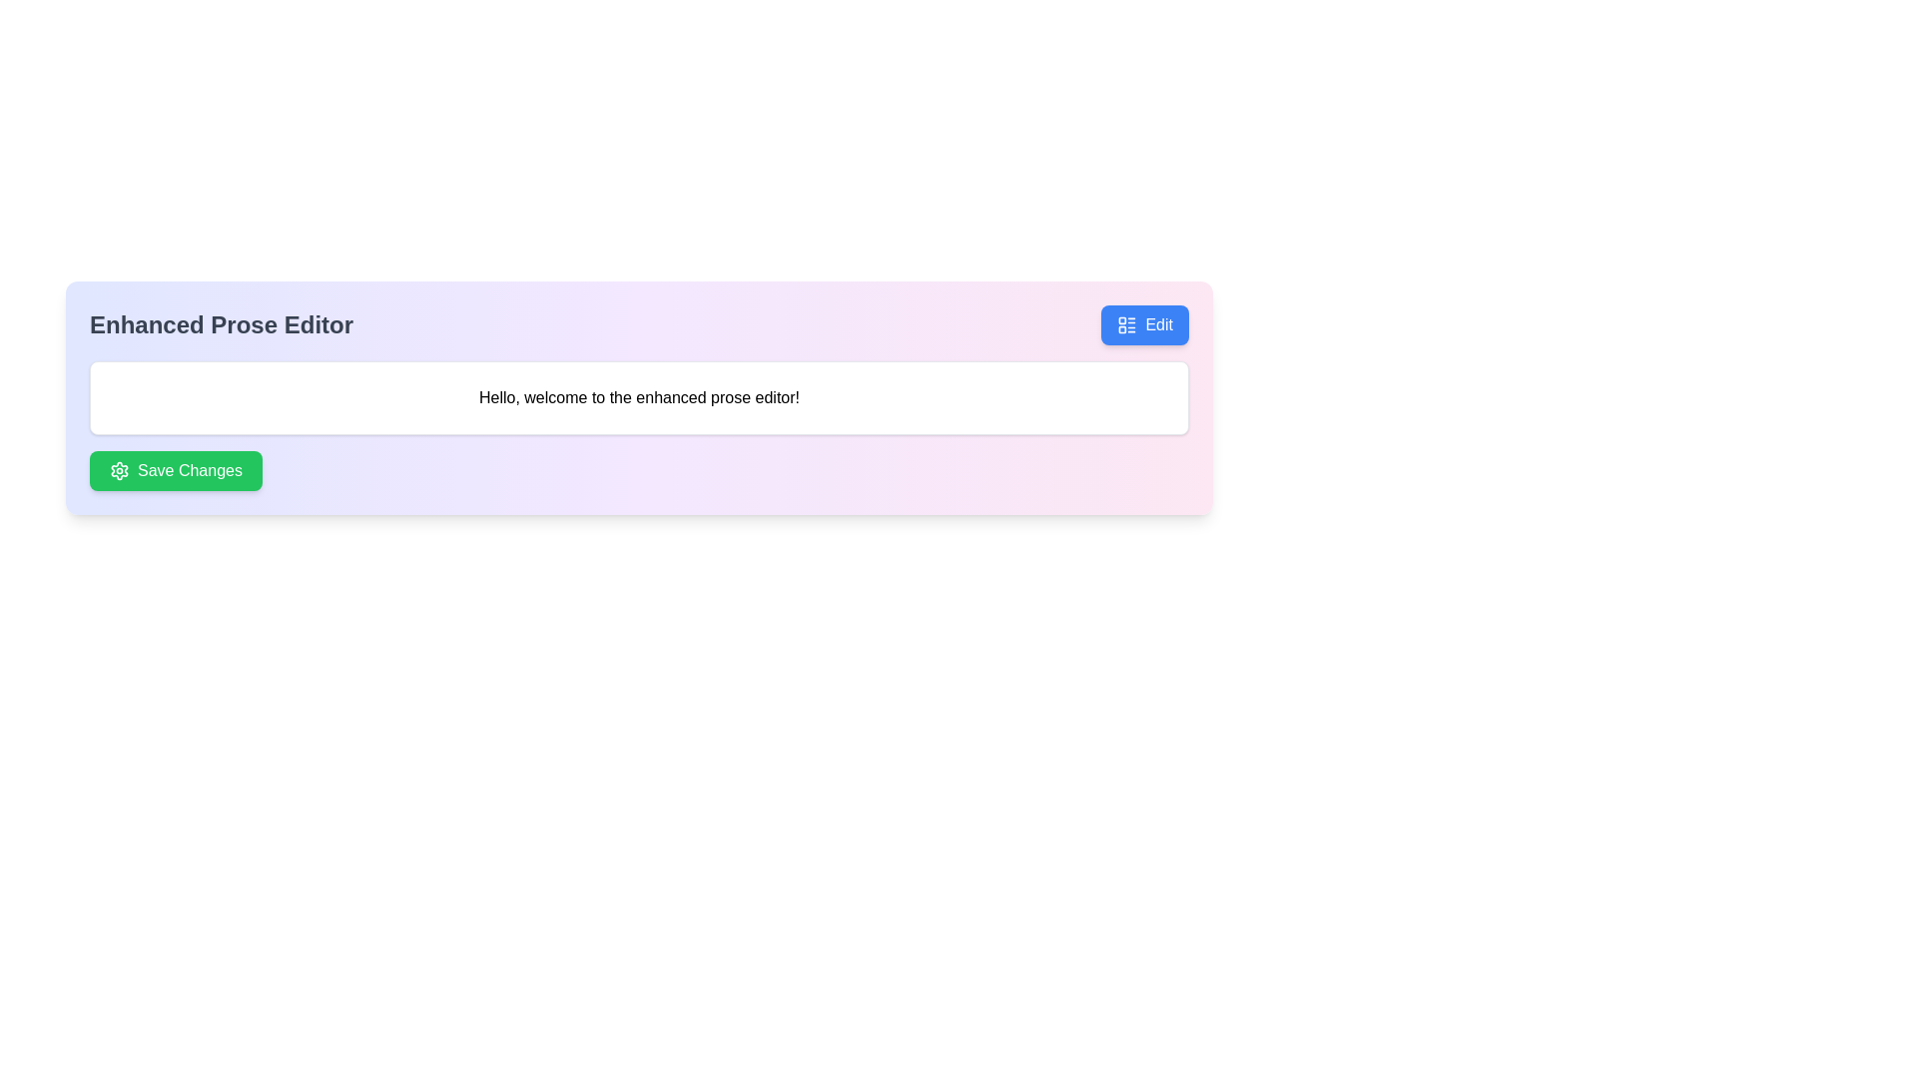  Describe the element at coordinates (221, 324) in the screenshot. I see `the 'Enhanced Prose Editor' text label located in the top-left section of the box, which serves as a title indicating the feature name` at that location.